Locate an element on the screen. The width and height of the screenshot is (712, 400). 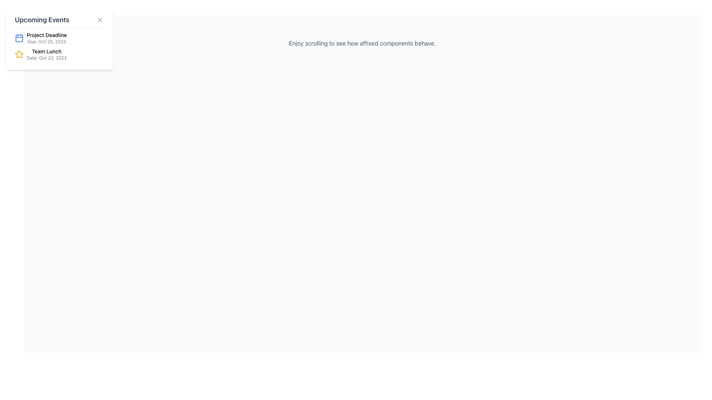
the close action icon, which is a cross-shaped icon located in the top-right corner of the 'Upcoming Events' card component is located at coordinates (99, 20).